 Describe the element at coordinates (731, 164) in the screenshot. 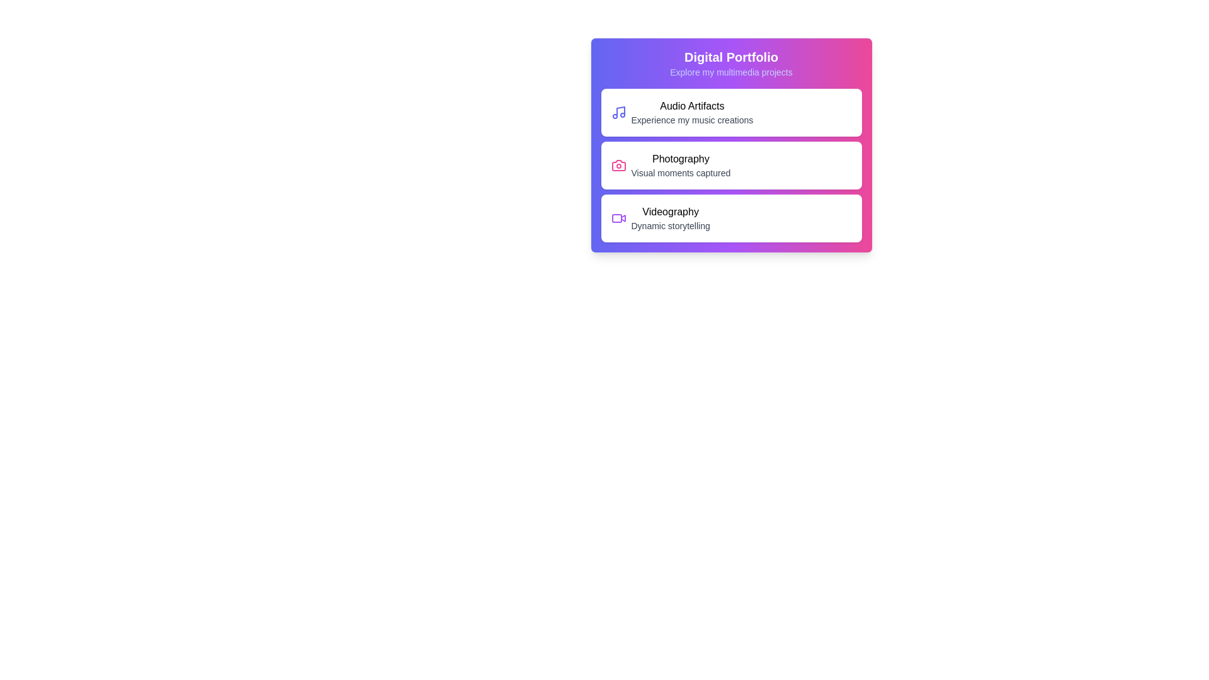

I see `to interact with the 'Photography' card, which contains descriptive content about 'Visual moments captured'. This card is the second in a vertical list of three cards, positioned between 'Audio Artifacts' and 'Videography'` at that location.